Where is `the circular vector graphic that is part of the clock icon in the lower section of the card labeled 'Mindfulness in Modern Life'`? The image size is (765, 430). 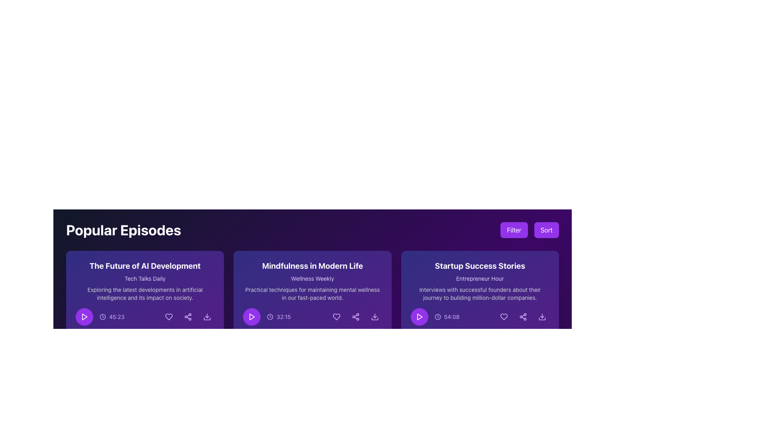
the circular vector graphic that is part of the clock icon in the lower section of the card labeled 'Mindfulness in Modern Life' is located at coordinates (270, 316).